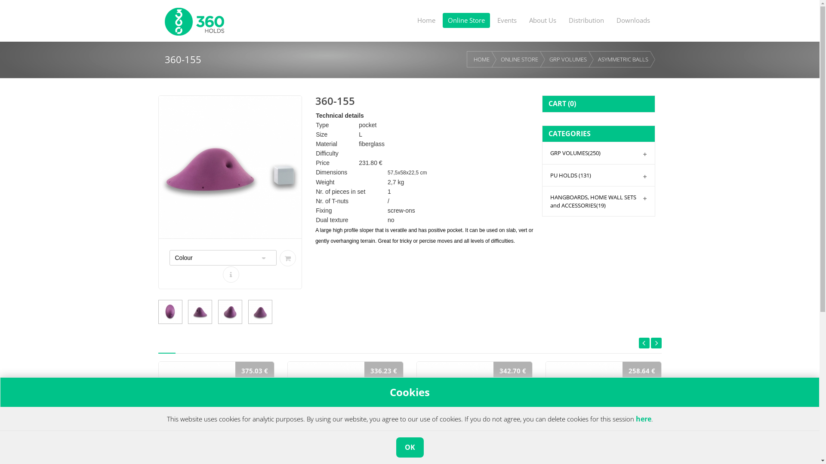 The width and height of the screenshot is (826, 464). What do you see at coordinates (542, 20) in the screenshot?
I see `'About Us'` at bounding box center [542, 20].